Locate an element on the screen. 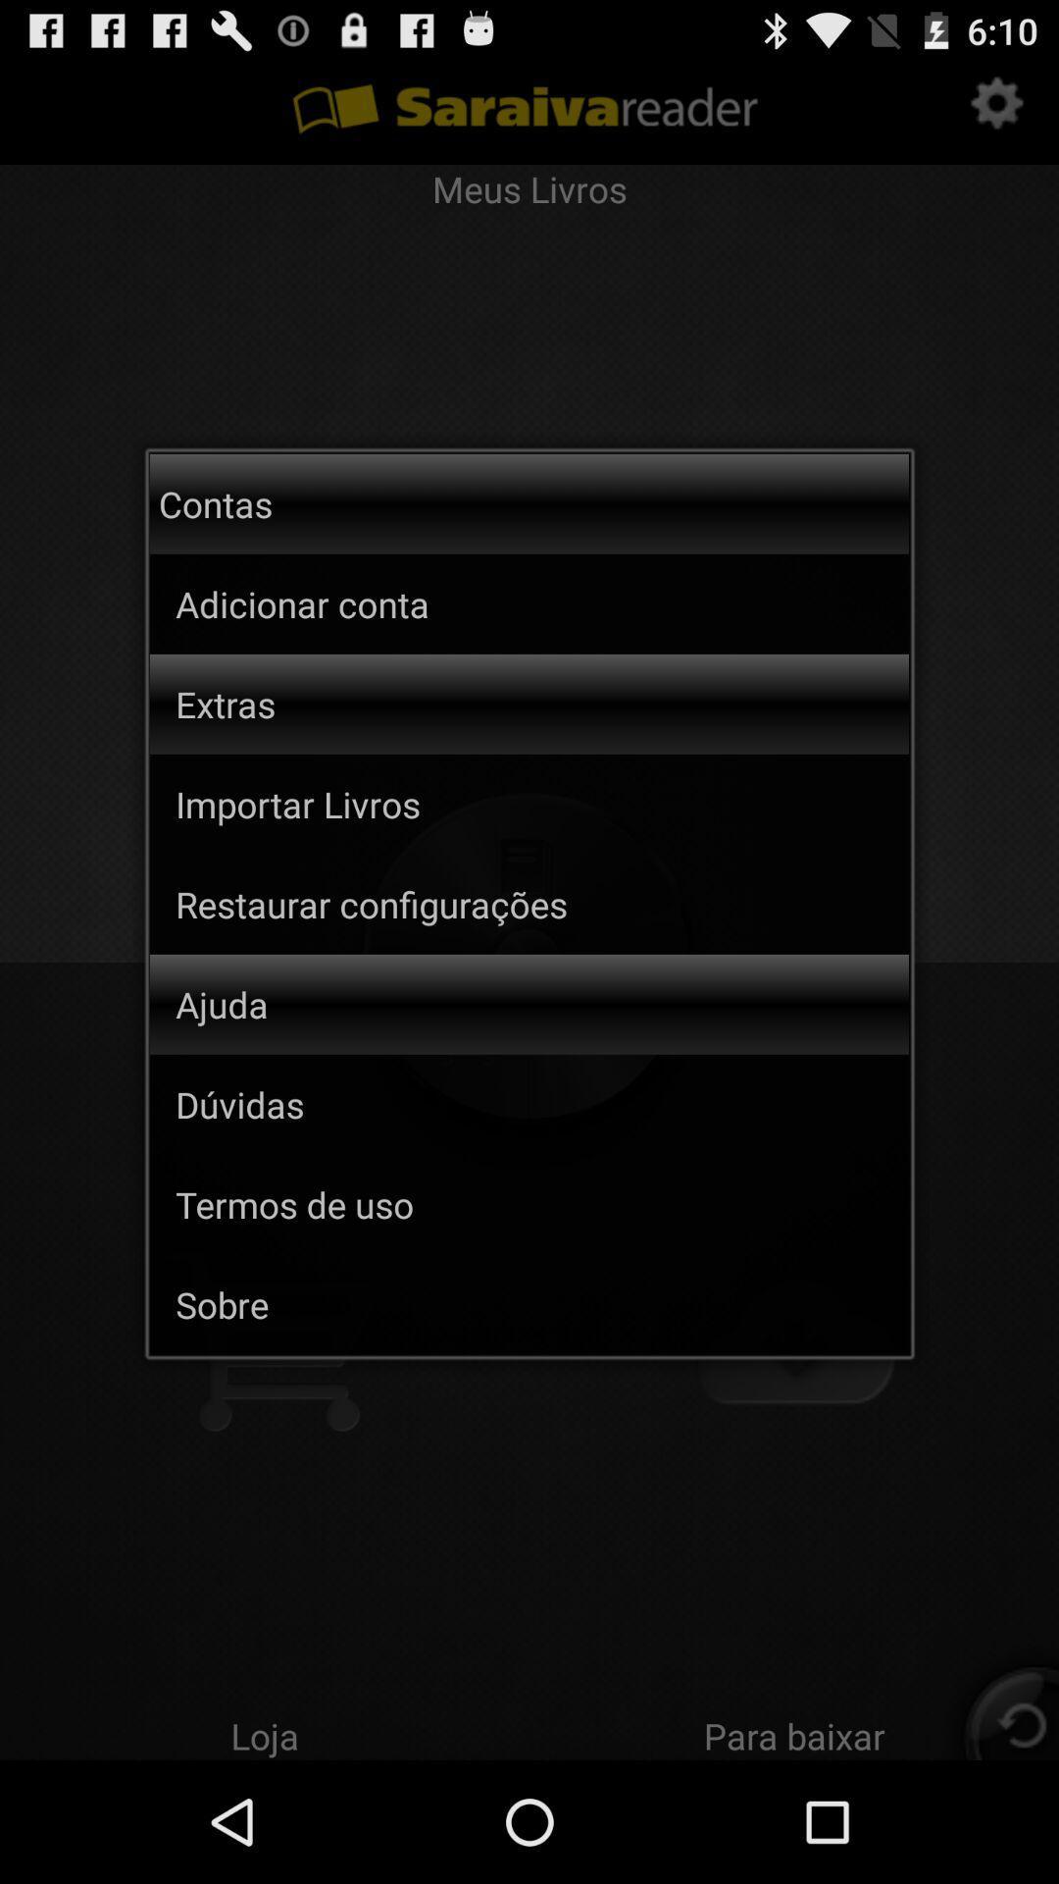  the termos de uso icon is located at coordinates (542, 1203).